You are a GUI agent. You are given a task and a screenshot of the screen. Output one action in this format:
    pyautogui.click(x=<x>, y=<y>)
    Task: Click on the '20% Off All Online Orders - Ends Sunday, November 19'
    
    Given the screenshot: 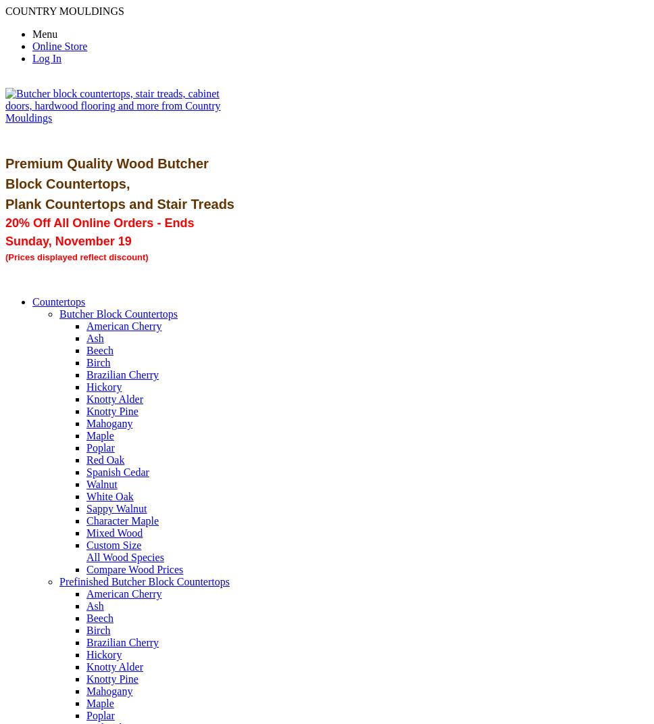 What is the action you would take?
    pyautogui.click(x=5, y=231)
    